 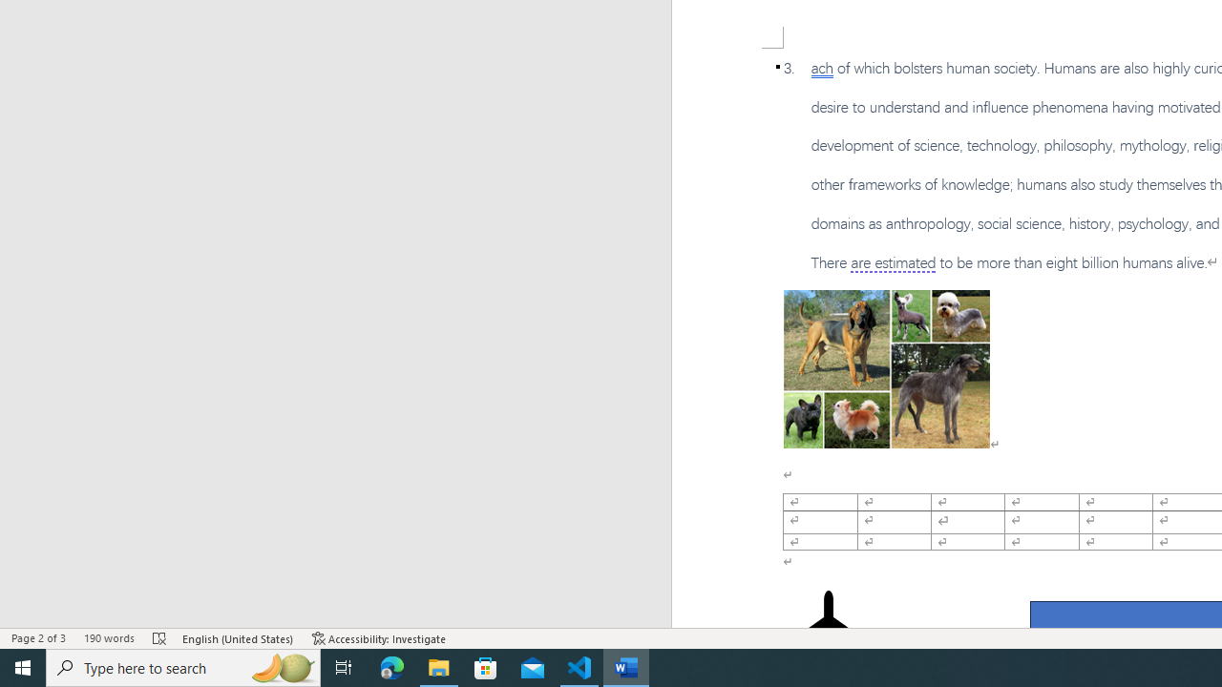 I want to click on 'Page Number Page 2 of 3', so click(x=38, y=638).